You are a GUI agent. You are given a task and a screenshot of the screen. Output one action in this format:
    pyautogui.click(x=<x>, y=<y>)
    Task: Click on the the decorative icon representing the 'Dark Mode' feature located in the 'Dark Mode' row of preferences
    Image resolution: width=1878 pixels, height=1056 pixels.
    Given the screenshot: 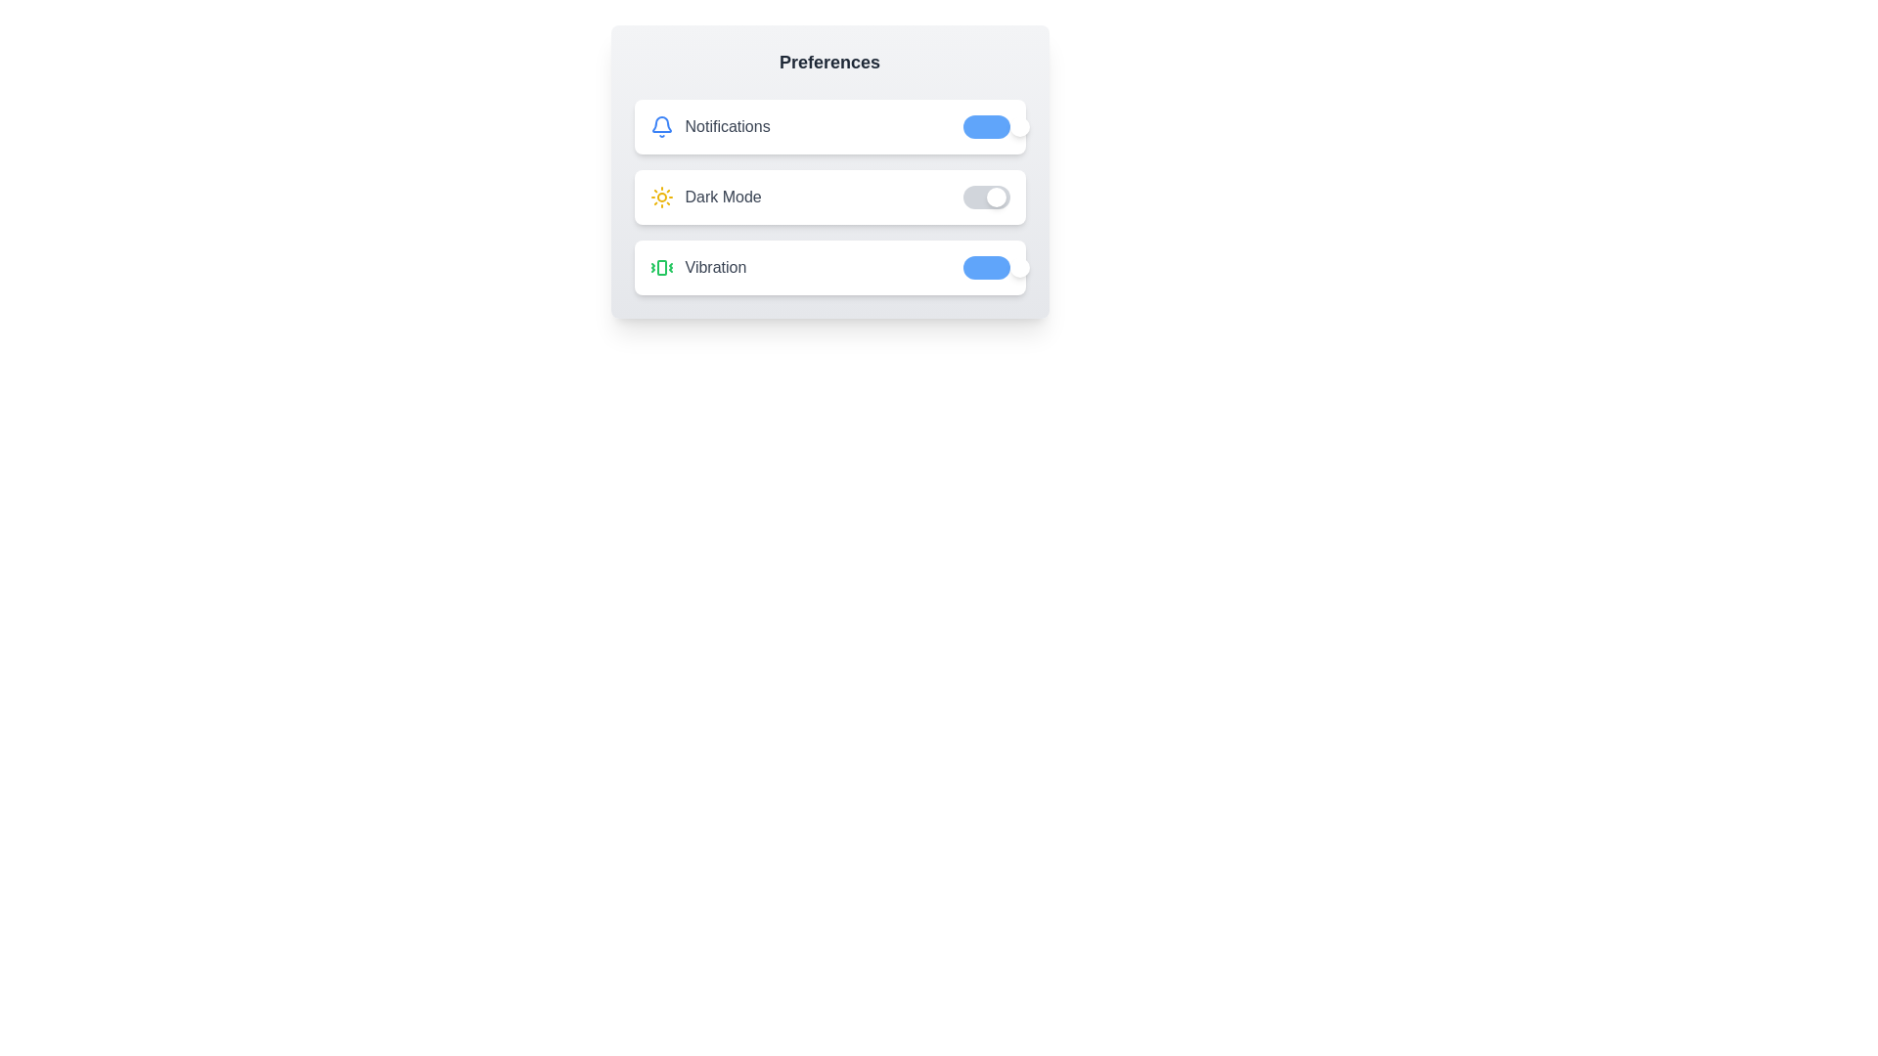 What is the action you would take?
    pyautogui.click(x=661, y=197)
    